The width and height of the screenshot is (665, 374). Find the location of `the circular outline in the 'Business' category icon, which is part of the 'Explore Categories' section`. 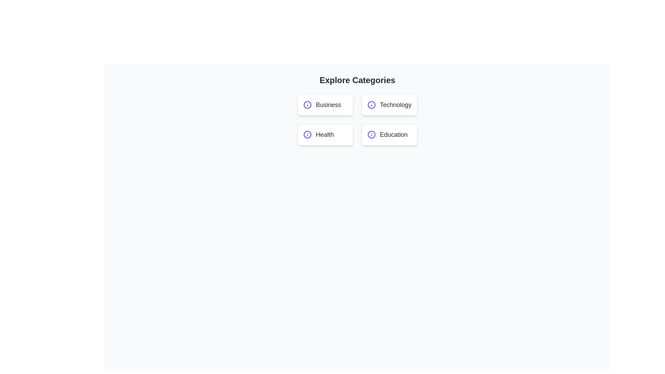

the circular outline in the 'Business' category icon, which is part of the 'Explore Categories' section is located at coordinates (307, 105).